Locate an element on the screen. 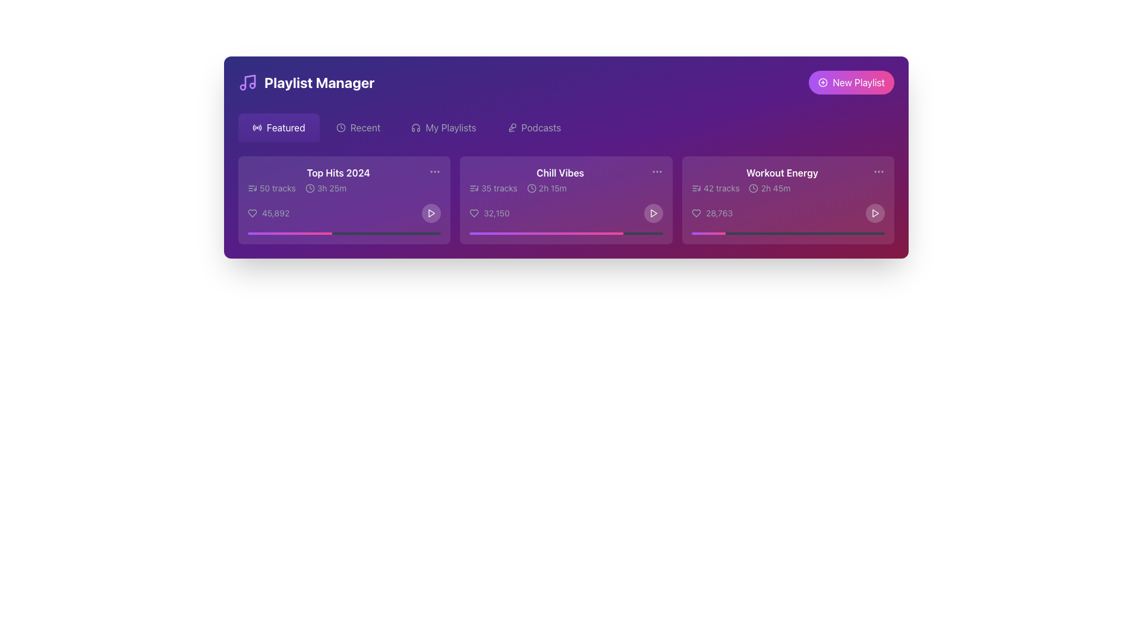 Image resolution: width=1141 pixels, height=642 pixels. the filled purple heart-shaped icon located within the 'Chill Vibes' playlist card to favorite or unfavorite the playlist is located at coordinates (474, 212).